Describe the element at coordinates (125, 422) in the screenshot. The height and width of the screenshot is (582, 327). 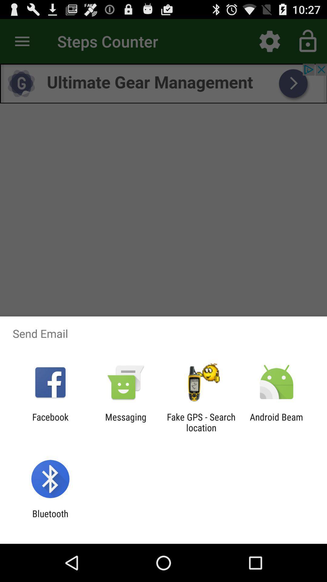
I see `the icon next to facebook item` at that location.